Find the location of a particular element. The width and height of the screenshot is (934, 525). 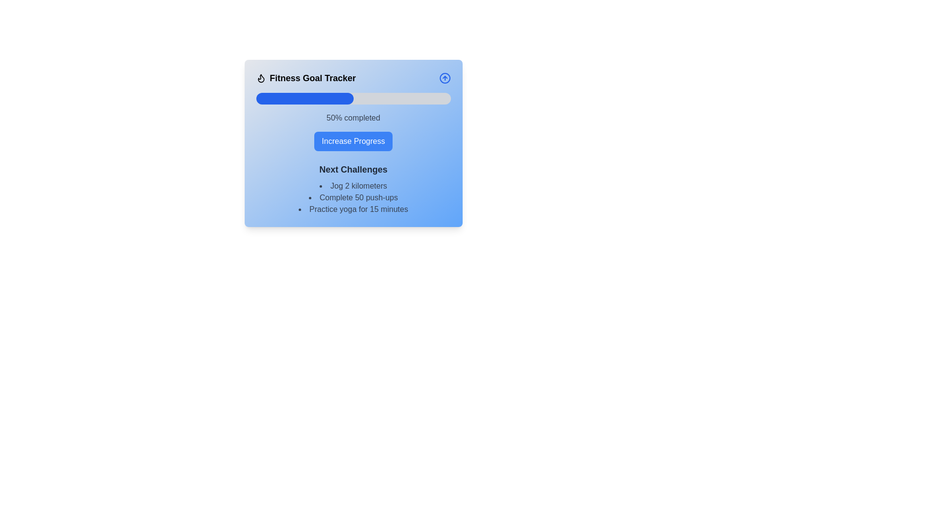

text from the second item in the unordered list under the 'Next Challenges' section, which is positioned between 'Jog 2 kilometers' and 'Practice yoga for 15 minutes' is located at coordinates (353, 197).